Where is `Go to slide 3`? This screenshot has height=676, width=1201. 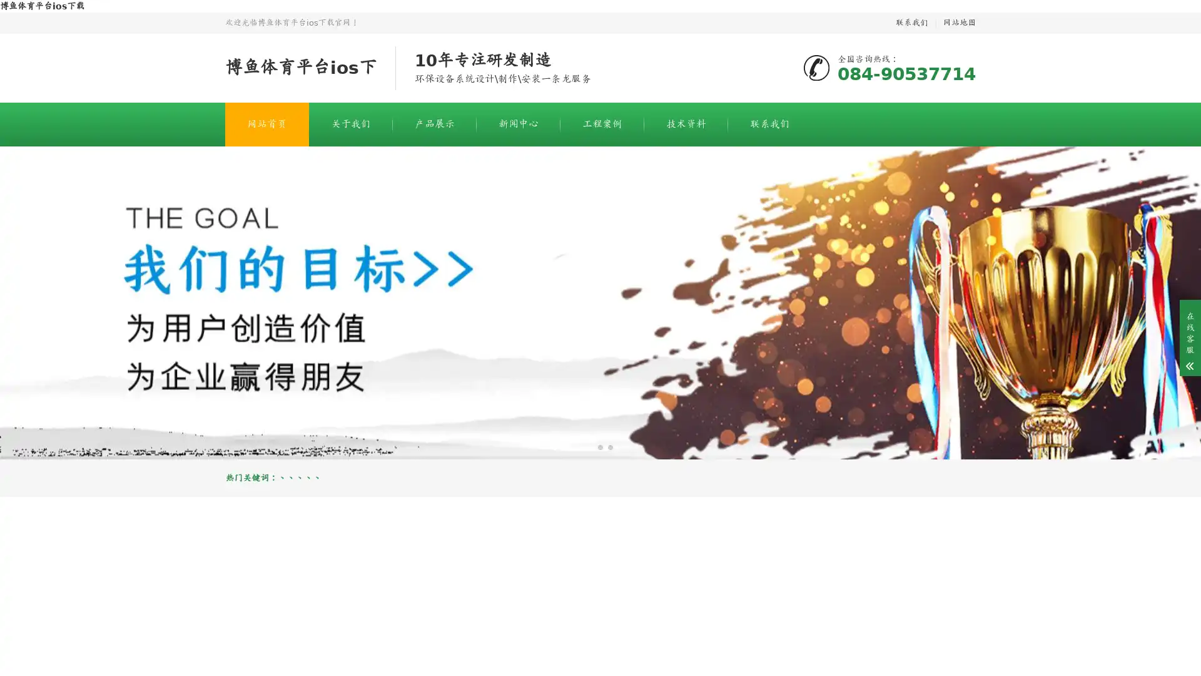 Go to slide 3 is located at coordinates (610, 446).